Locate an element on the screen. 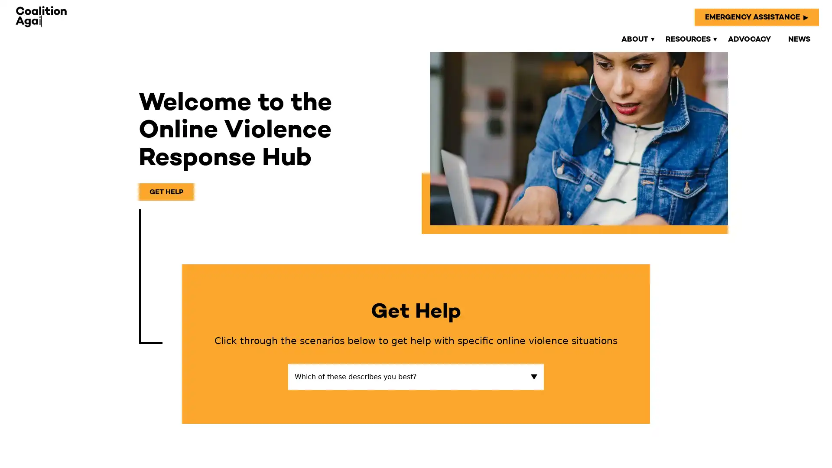 Image resolution: width=832 pixels, height=468 pixels. GET HELP is located at coordinates (166, 191).